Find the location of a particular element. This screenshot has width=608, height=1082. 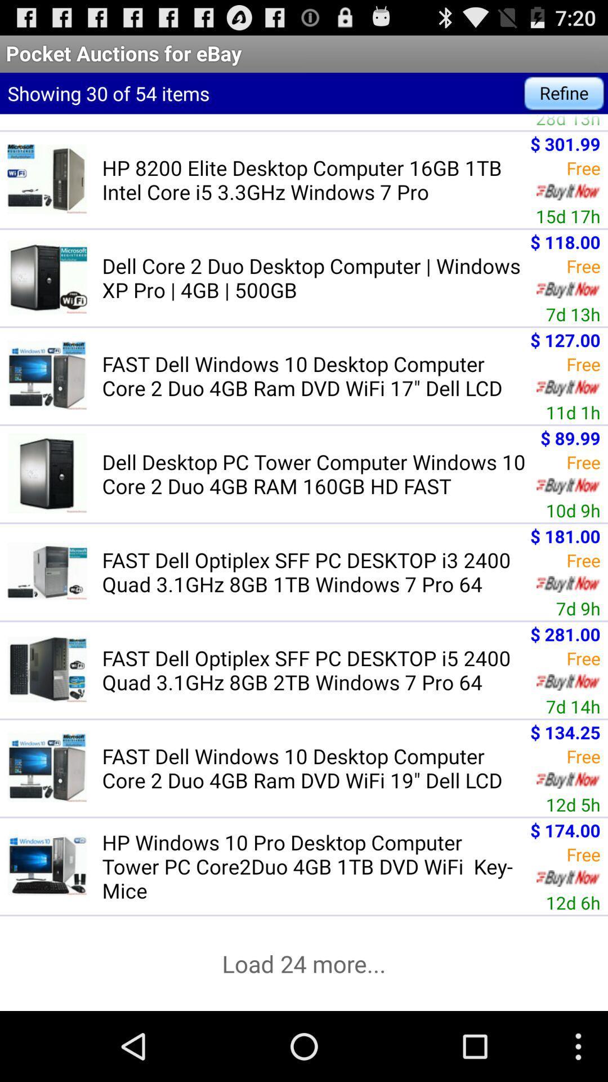

the 15d 17h icon is located at coordinates (568, 216).